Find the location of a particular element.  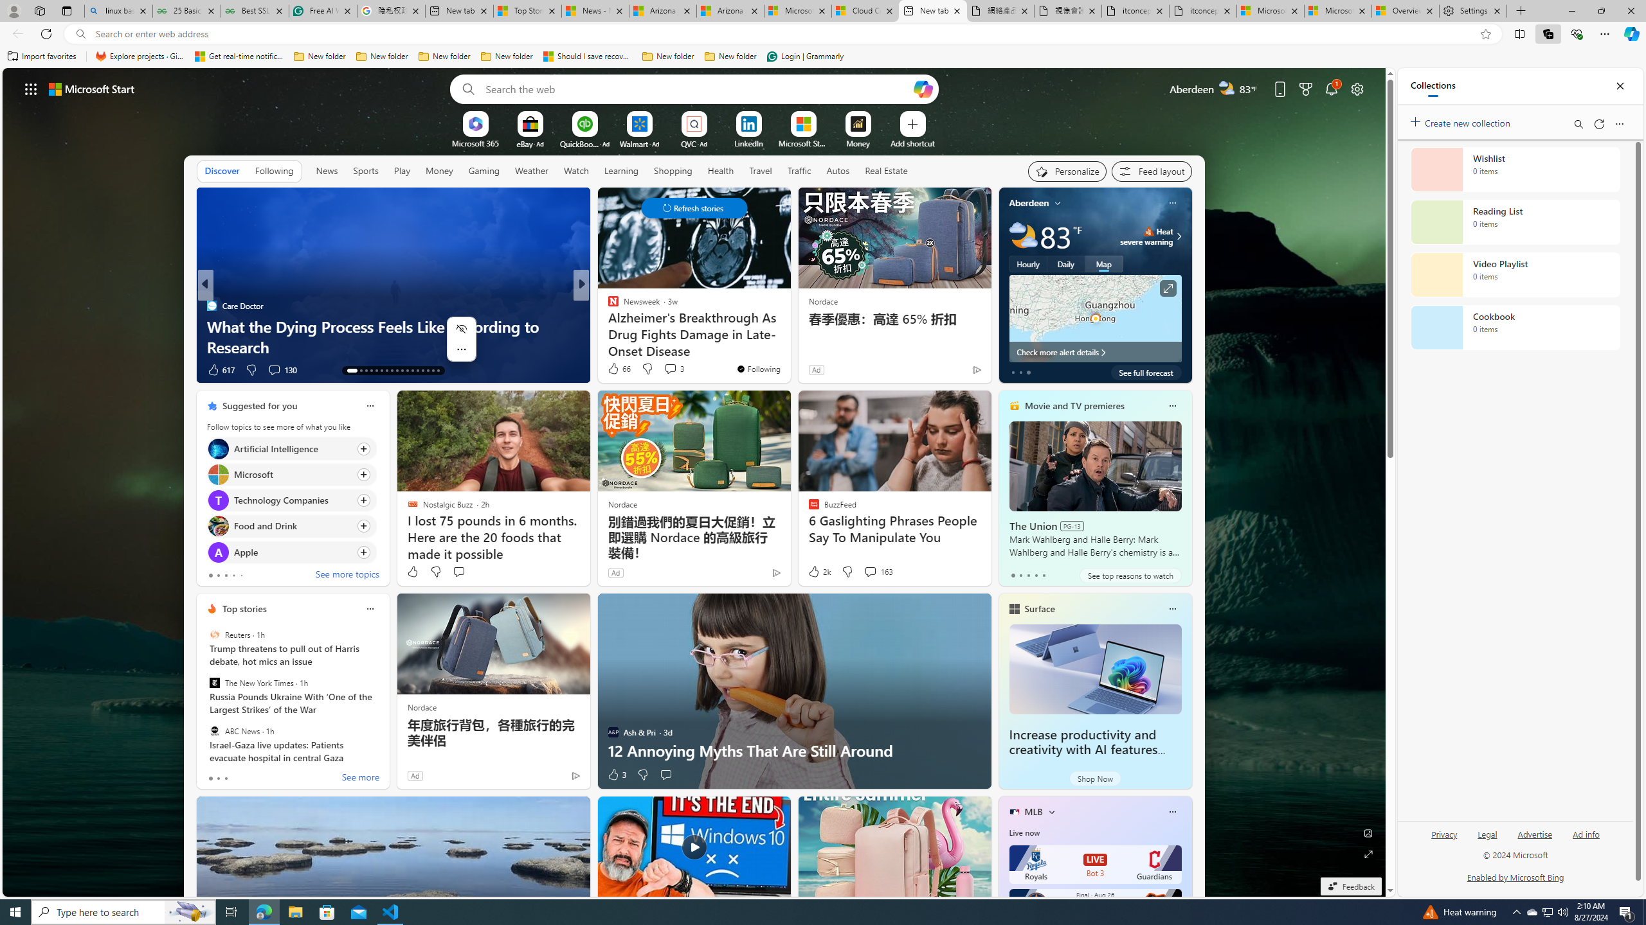

'Add a site' is located at coordinates (912, 143).